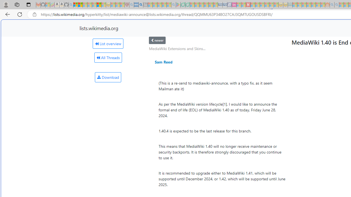  I want to click on 'New Report Confirms 2023 Was Record Hot | Watch - Sleeping', so click(94, 5).